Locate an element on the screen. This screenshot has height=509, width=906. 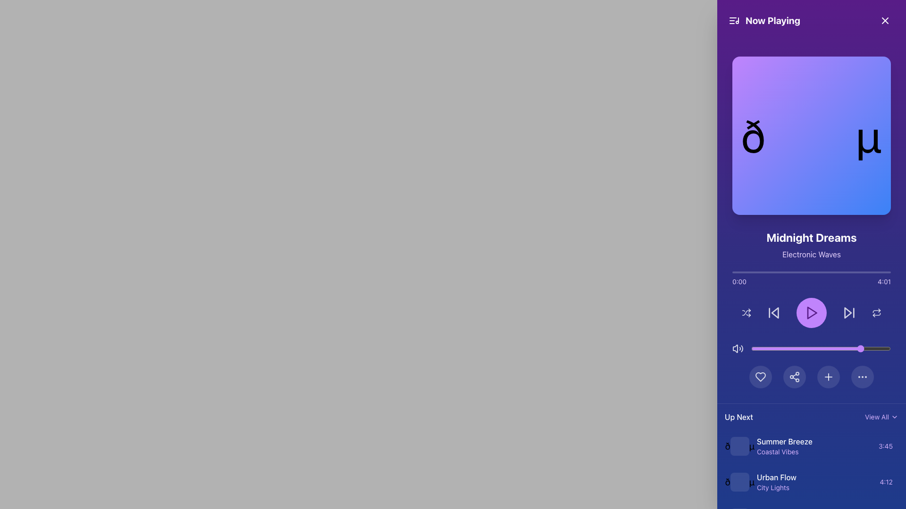
the 'More Options' button located at the bottom-right of the playing interface to receive a tooltip if available is located at coordinates (863, 376).